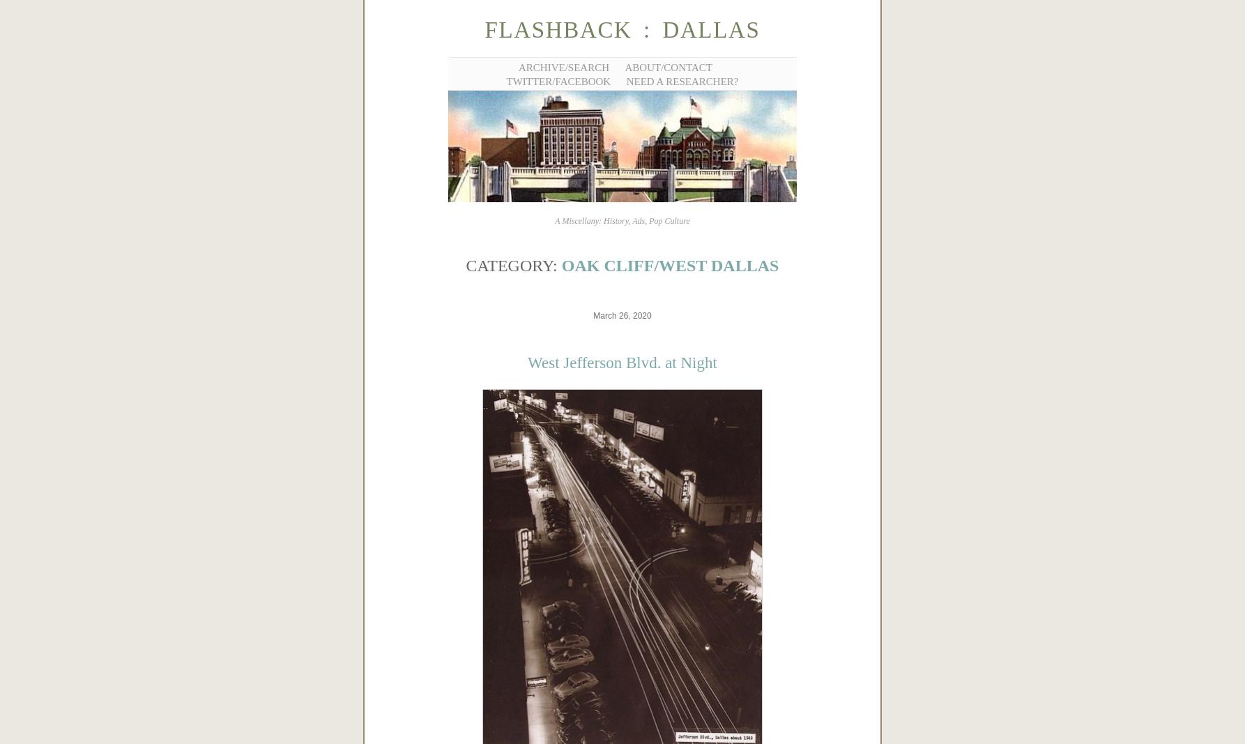  Describe the element at coordinates (670, 265) in the screenshot. I see `'Oak Cliff/West Dallas'` at that location.